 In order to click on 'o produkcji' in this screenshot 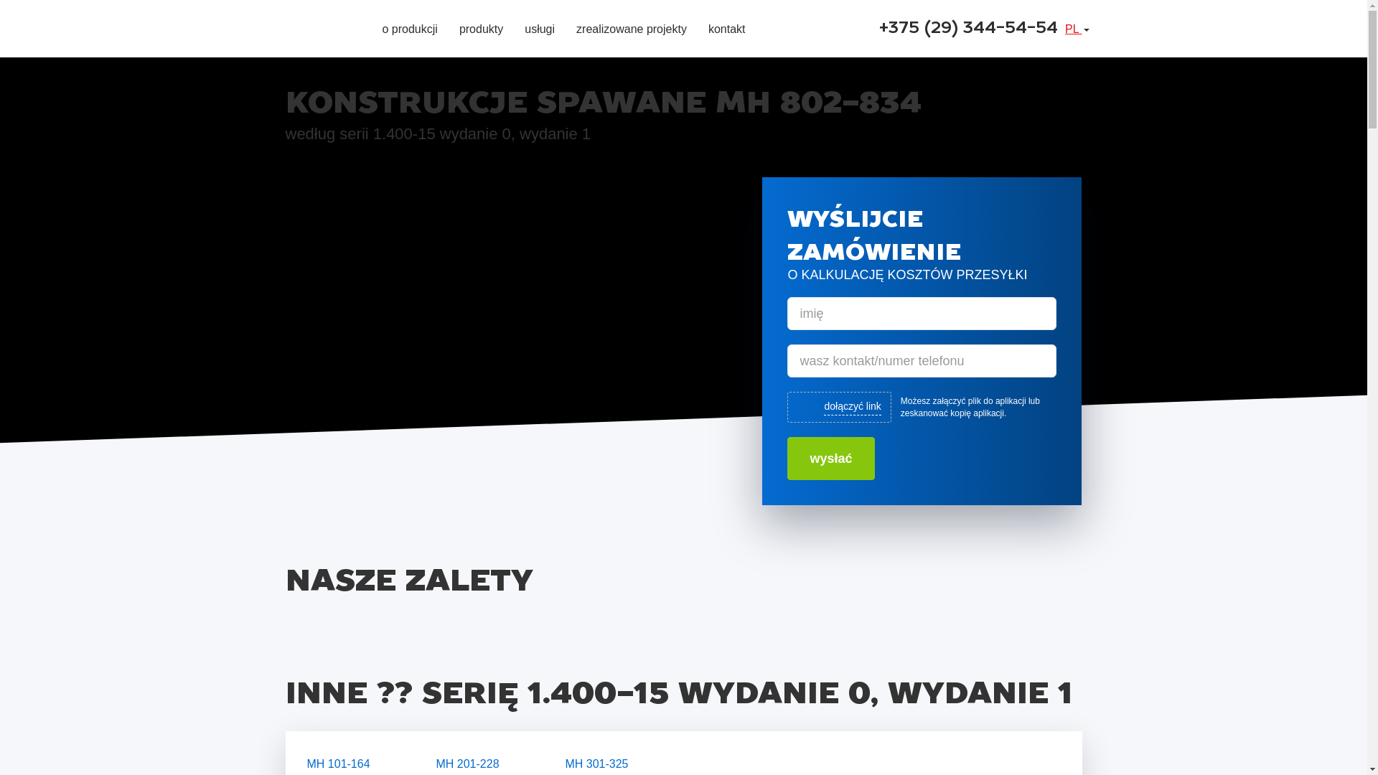, I will do `click(408, 30)`.